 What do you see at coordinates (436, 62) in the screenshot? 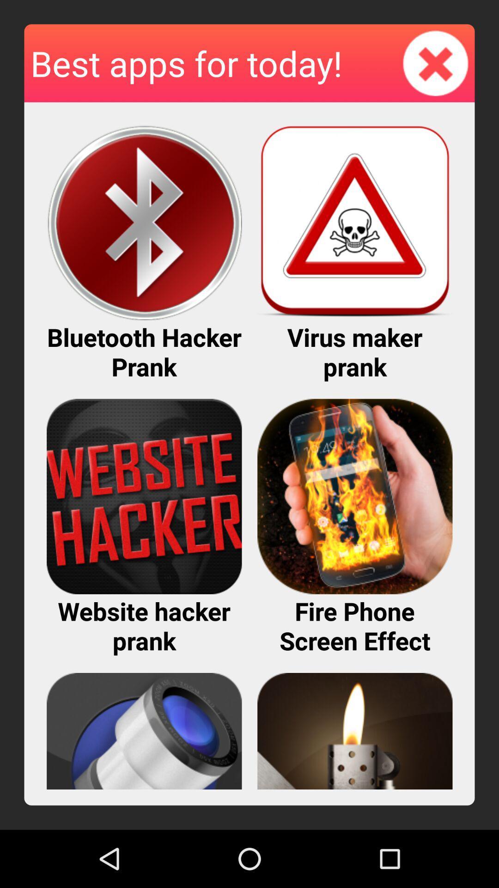
I see `exit current screen` at bounding box center [436, 62].